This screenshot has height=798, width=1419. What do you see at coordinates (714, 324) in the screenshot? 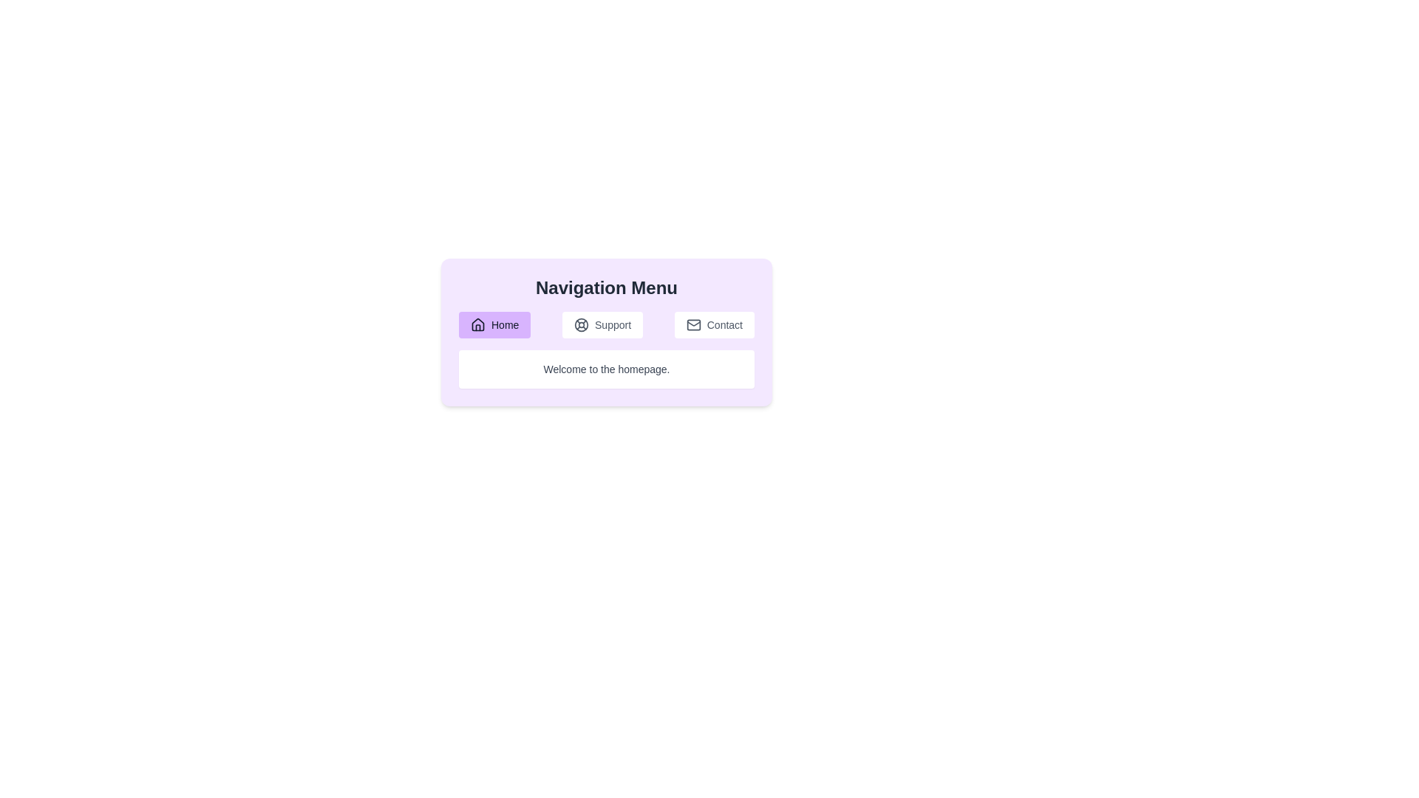
I see `the 'Contact' button in the navigation menu which features a mail icon and dark text on a white background` at bounding box center [714, 324].